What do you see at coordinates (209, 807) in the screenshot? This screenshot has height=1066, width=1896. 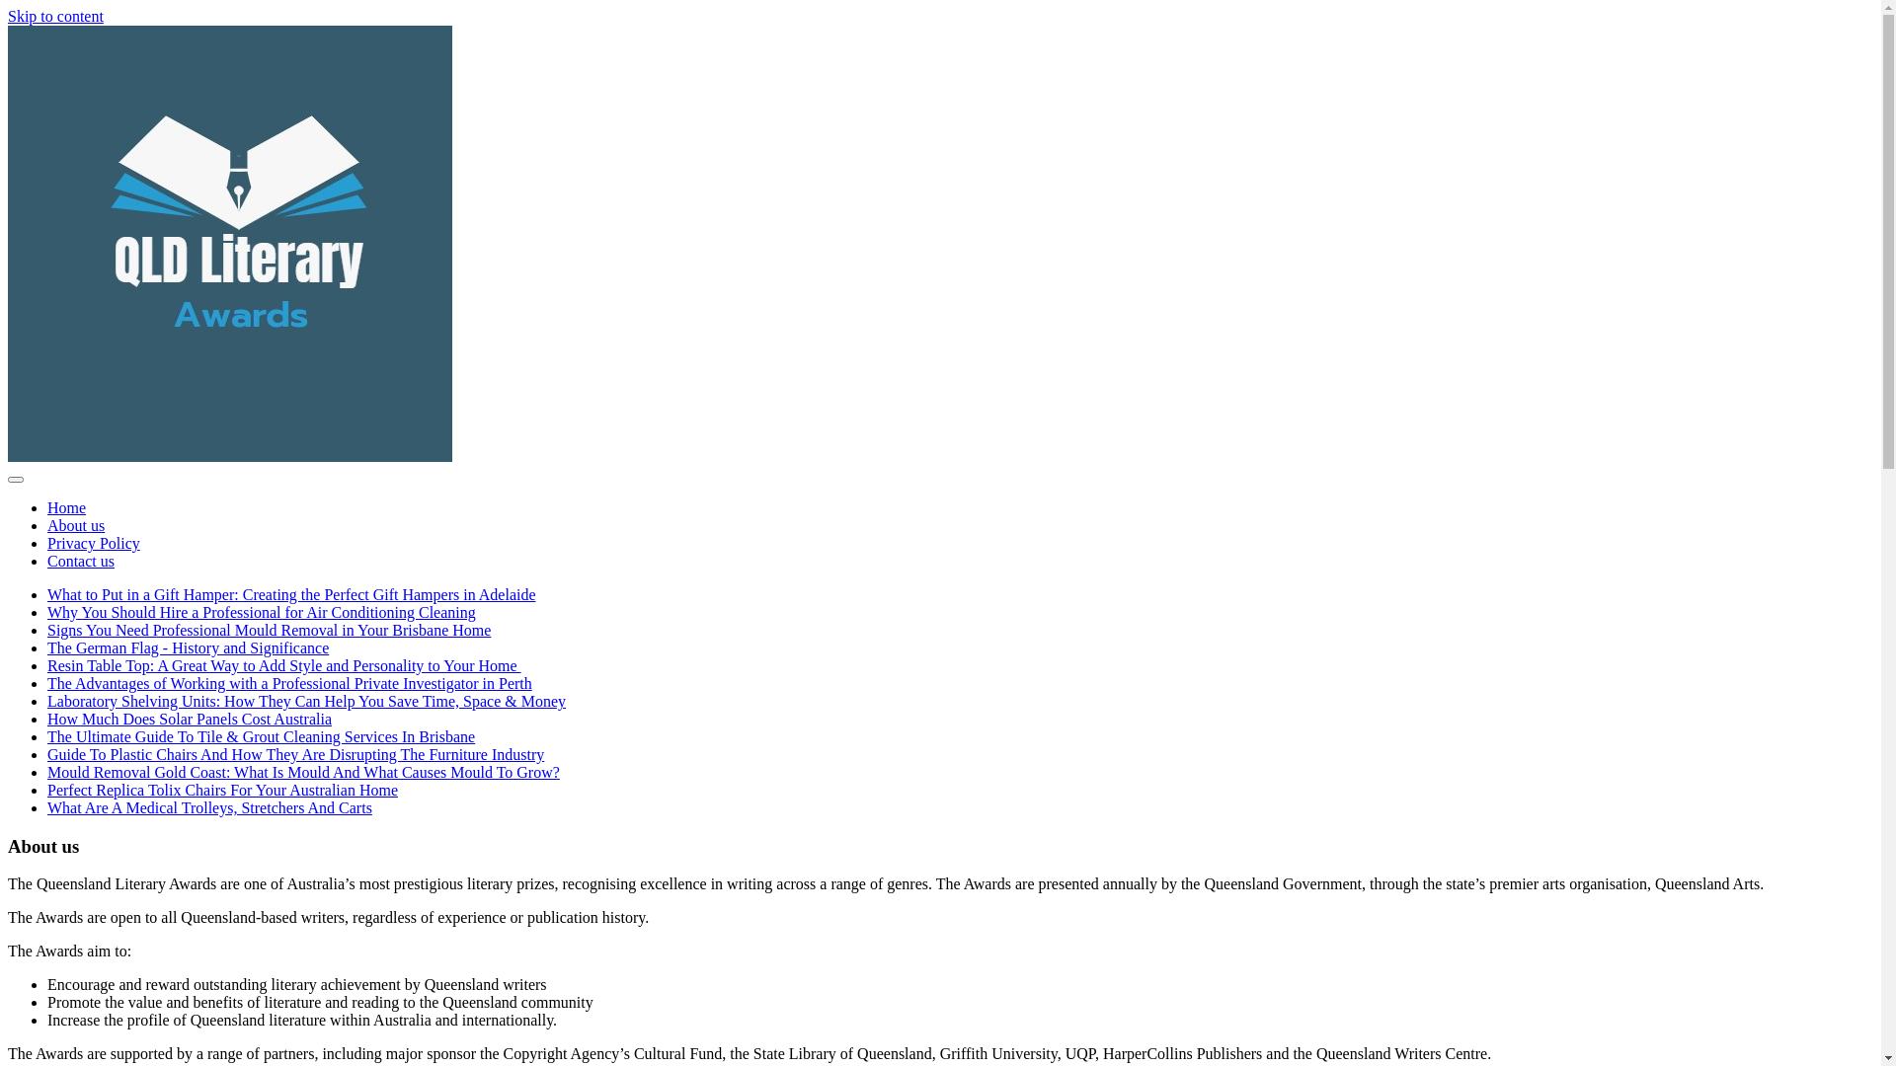 I see `'What Are A Medical Trolleys, Stretchers And Carts'` at bounding box center [209, 807].